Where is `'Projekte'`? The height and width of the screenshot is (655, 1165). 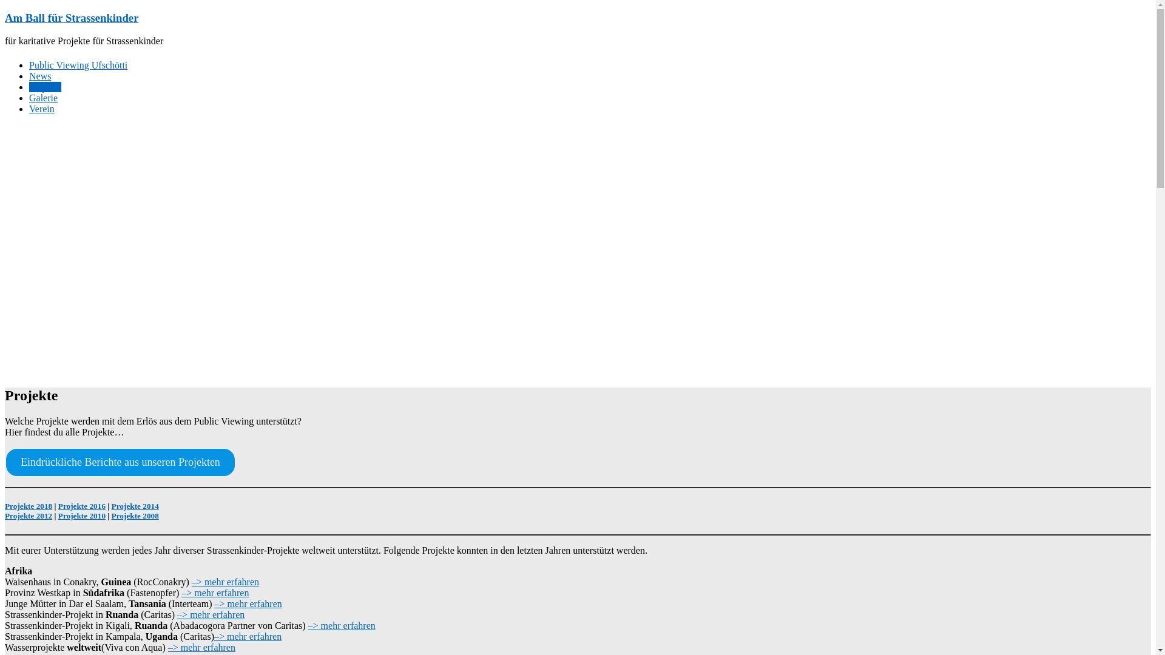
'Projekte' is located at coordinates (45, 86).